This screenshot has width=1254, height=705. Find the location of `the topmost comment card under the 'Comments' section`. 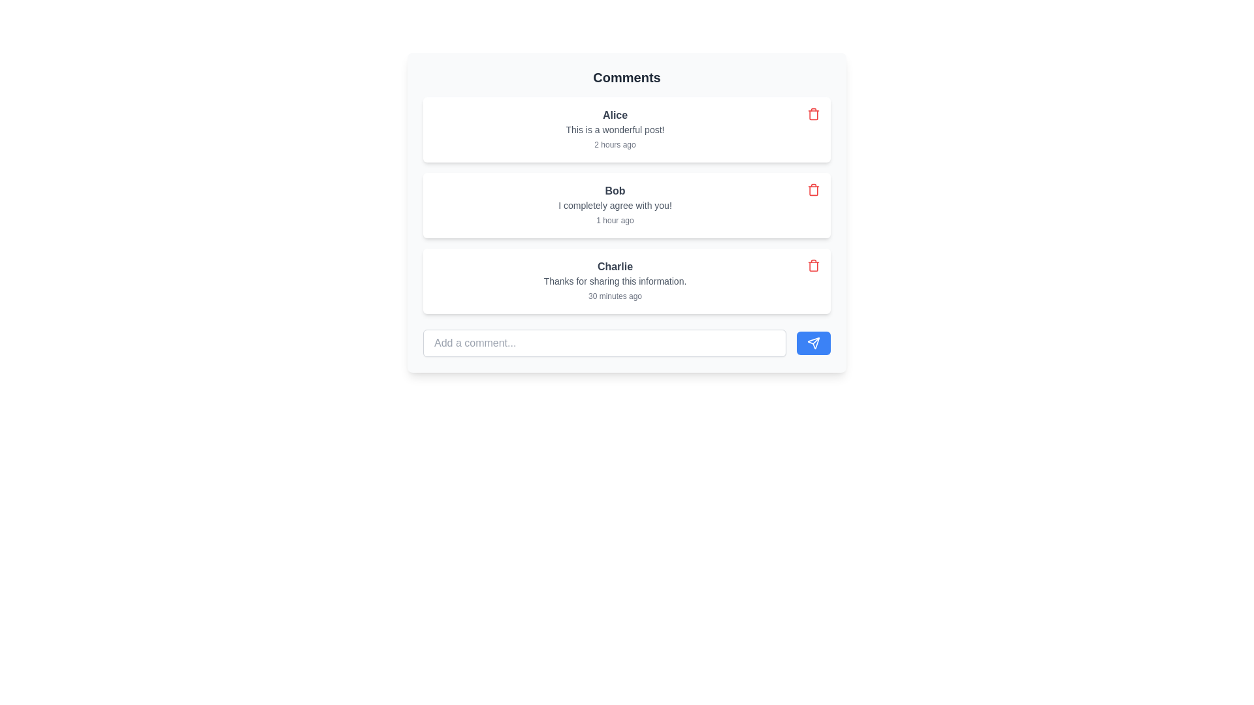

the topmost comment card under the 'Comments' section is located at coordinates (614, 130).